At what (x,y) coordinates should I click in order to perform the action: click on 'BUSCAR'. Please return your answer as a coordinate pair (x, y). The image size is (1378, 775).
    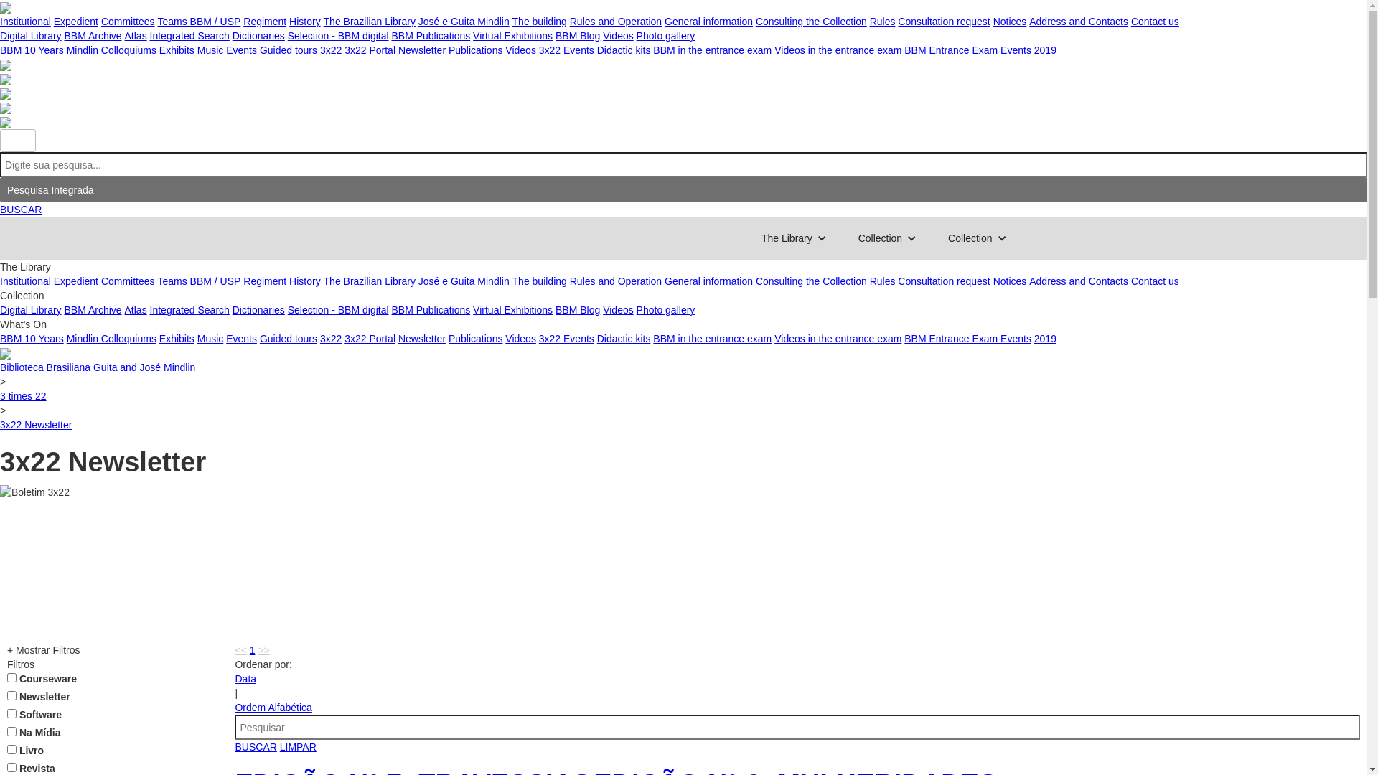
    Looking at the image, I should click on (20, 210).